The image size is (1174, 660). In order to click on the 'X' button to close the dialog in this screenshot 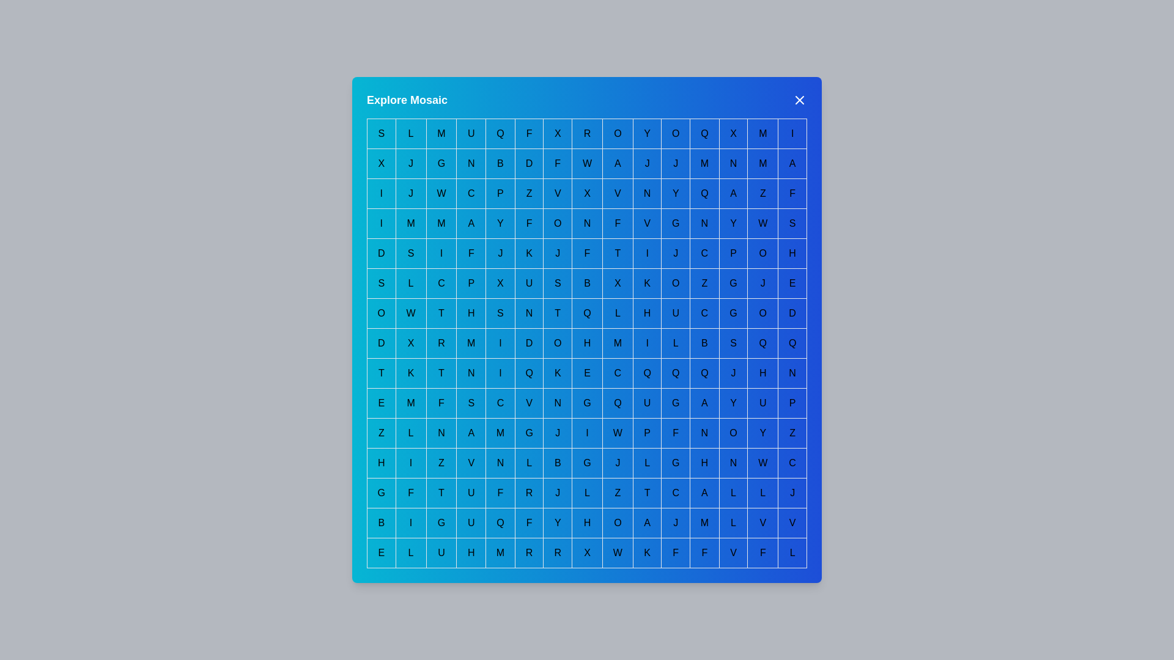, I will do `click(800, 100)`.